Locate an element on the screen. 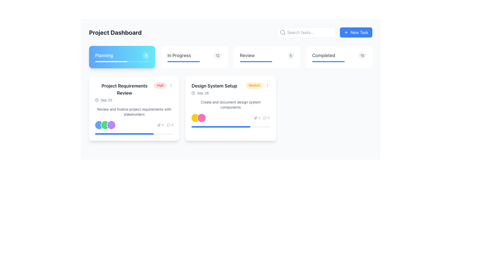 This screenshot has height=274, width=487. the text input field located at the top-right corner of the interface is located at coordinates (306, 32).